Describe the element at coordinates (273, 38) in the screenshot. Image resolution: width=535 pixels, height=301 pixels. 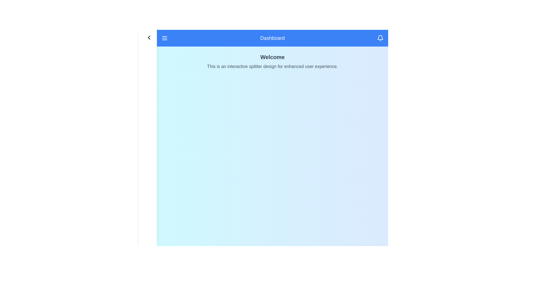
I see `text displayed in the Static Text element labeled 'Dashboard', which is centrally located within the blue header bar` at that location.